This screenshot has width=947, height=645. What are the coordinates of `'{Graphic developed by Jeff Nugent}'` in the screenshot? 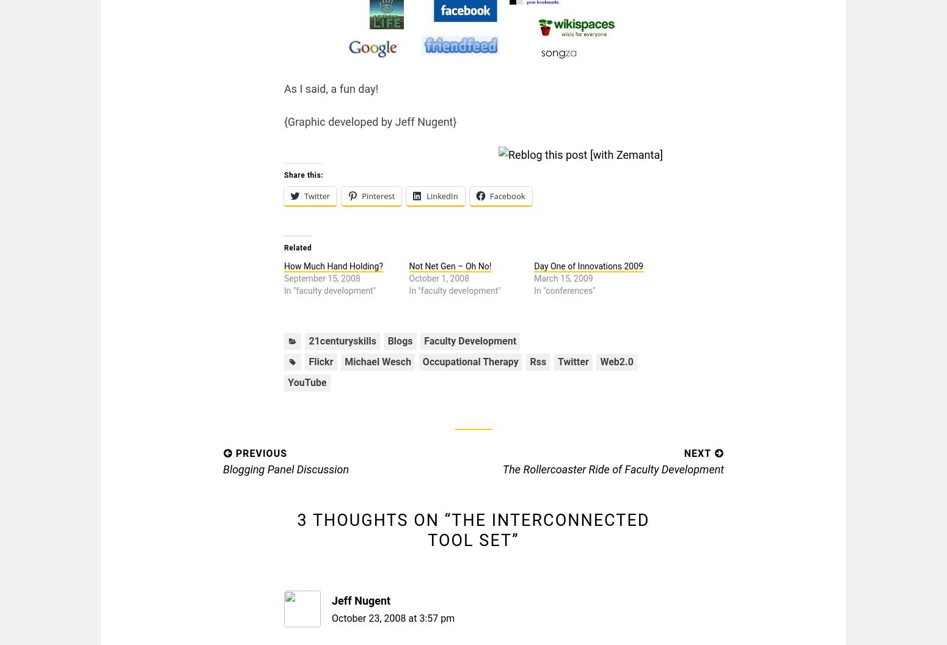 It's located at (284, 121).